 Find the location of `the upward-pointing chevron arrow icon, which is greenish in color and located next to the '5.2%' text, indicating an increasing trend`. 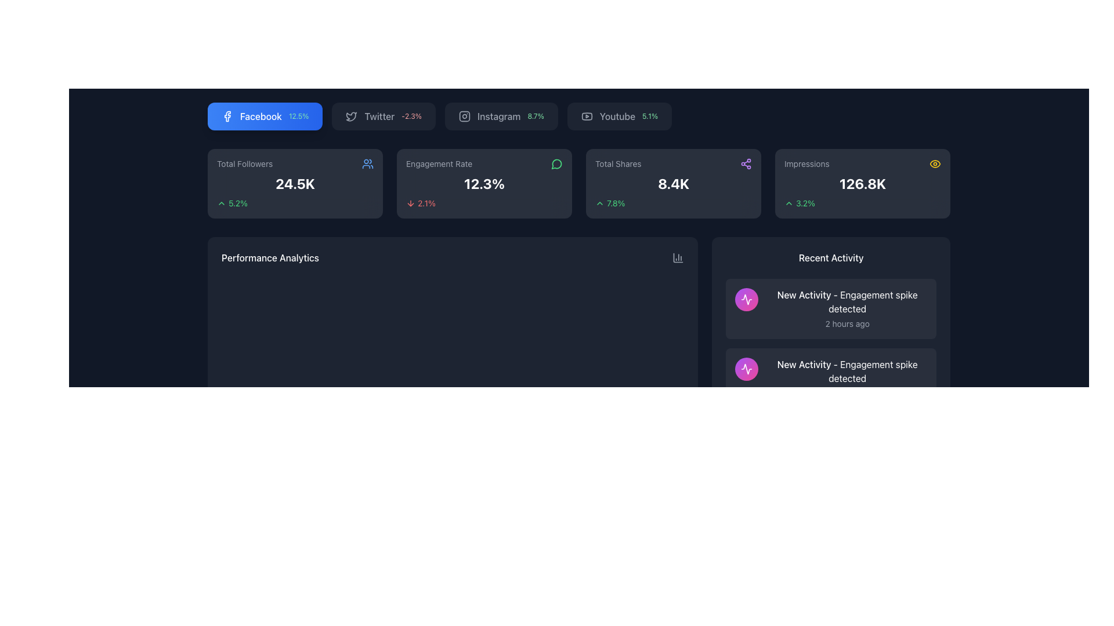

the upward-pointing chevron arrow icon, which is greenish in color and located next to the '5.2%' text, indicating an increasing trend is located at coordinates (222, 203).